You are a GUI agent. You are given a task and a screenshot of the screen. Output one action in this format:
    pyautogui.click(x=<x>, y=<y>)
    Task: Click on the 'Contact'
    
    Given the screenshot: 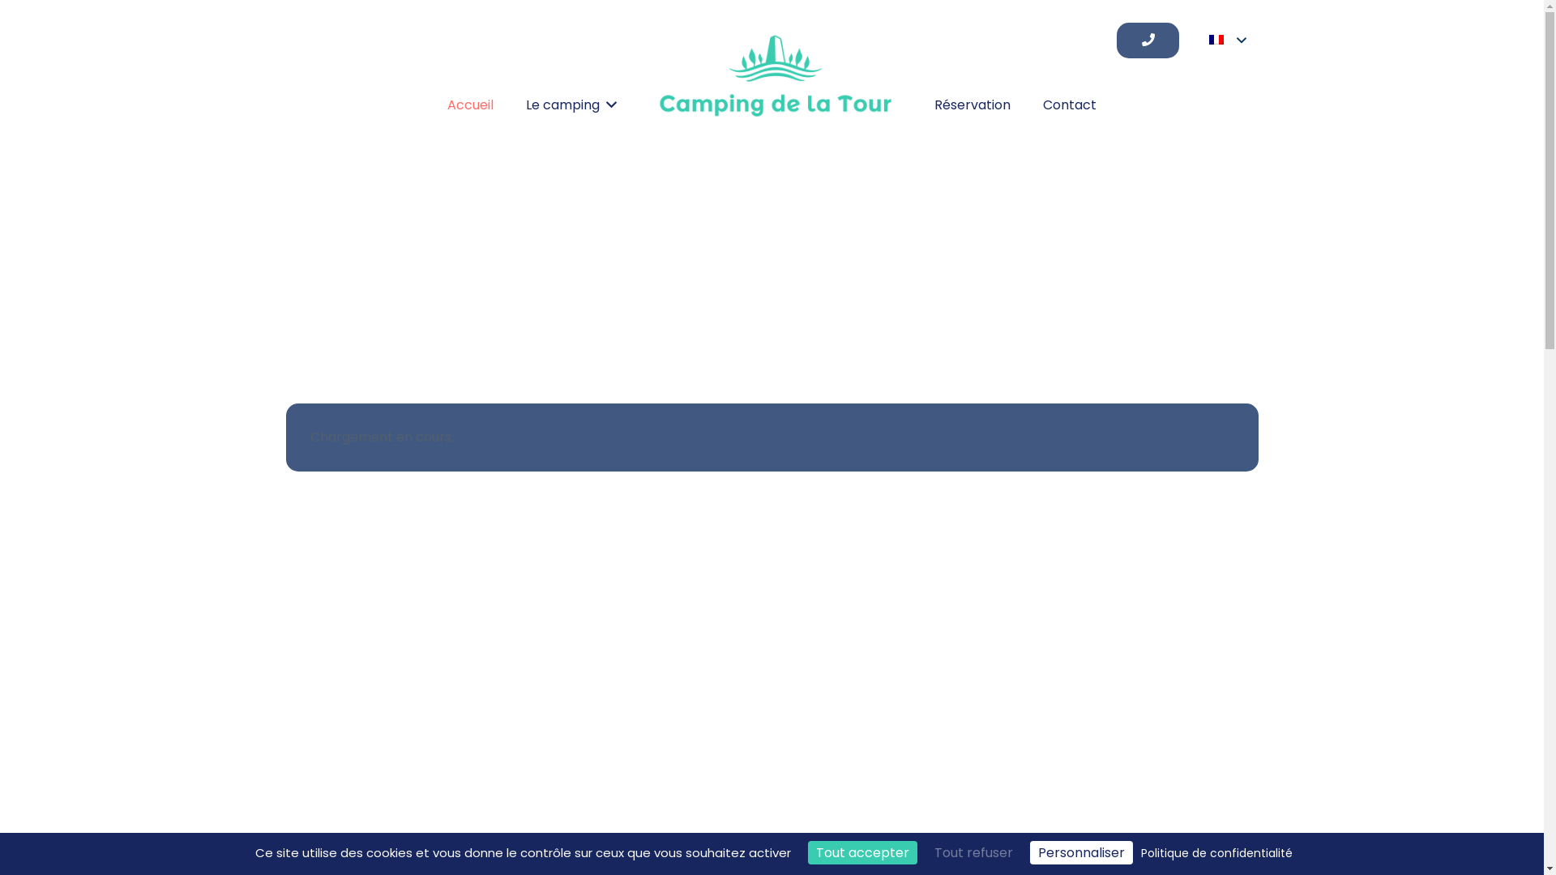 What is the action you would take?
    pyautogui.click(x=1070, y=105)
    